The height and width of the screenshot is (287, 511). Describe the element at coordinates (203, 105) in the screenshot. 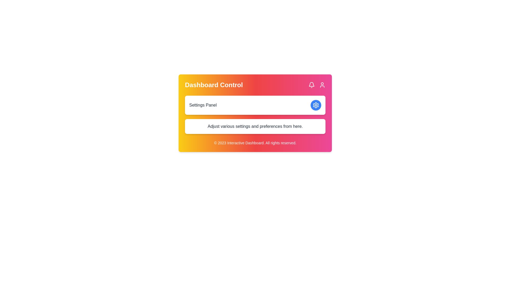

I see `the static text element that indicates the purpose or content of the accompanying section, located under the title 'Dashboard Control' and to the left of the blue circular button with a gear icon` at that location.